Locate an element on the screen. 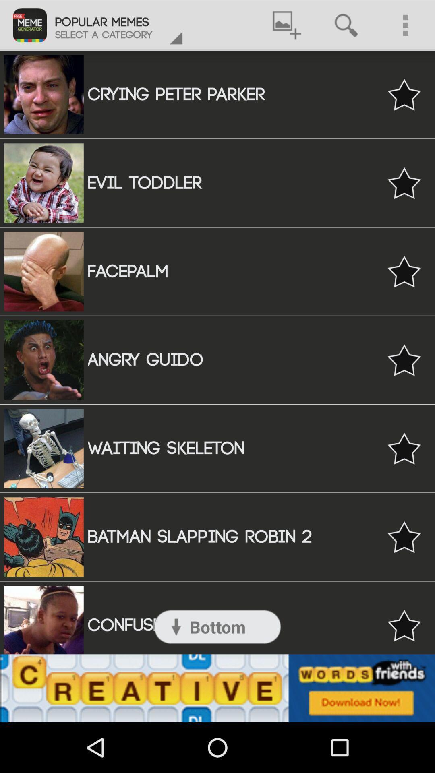  meme format is located at coordinates (404, 182).